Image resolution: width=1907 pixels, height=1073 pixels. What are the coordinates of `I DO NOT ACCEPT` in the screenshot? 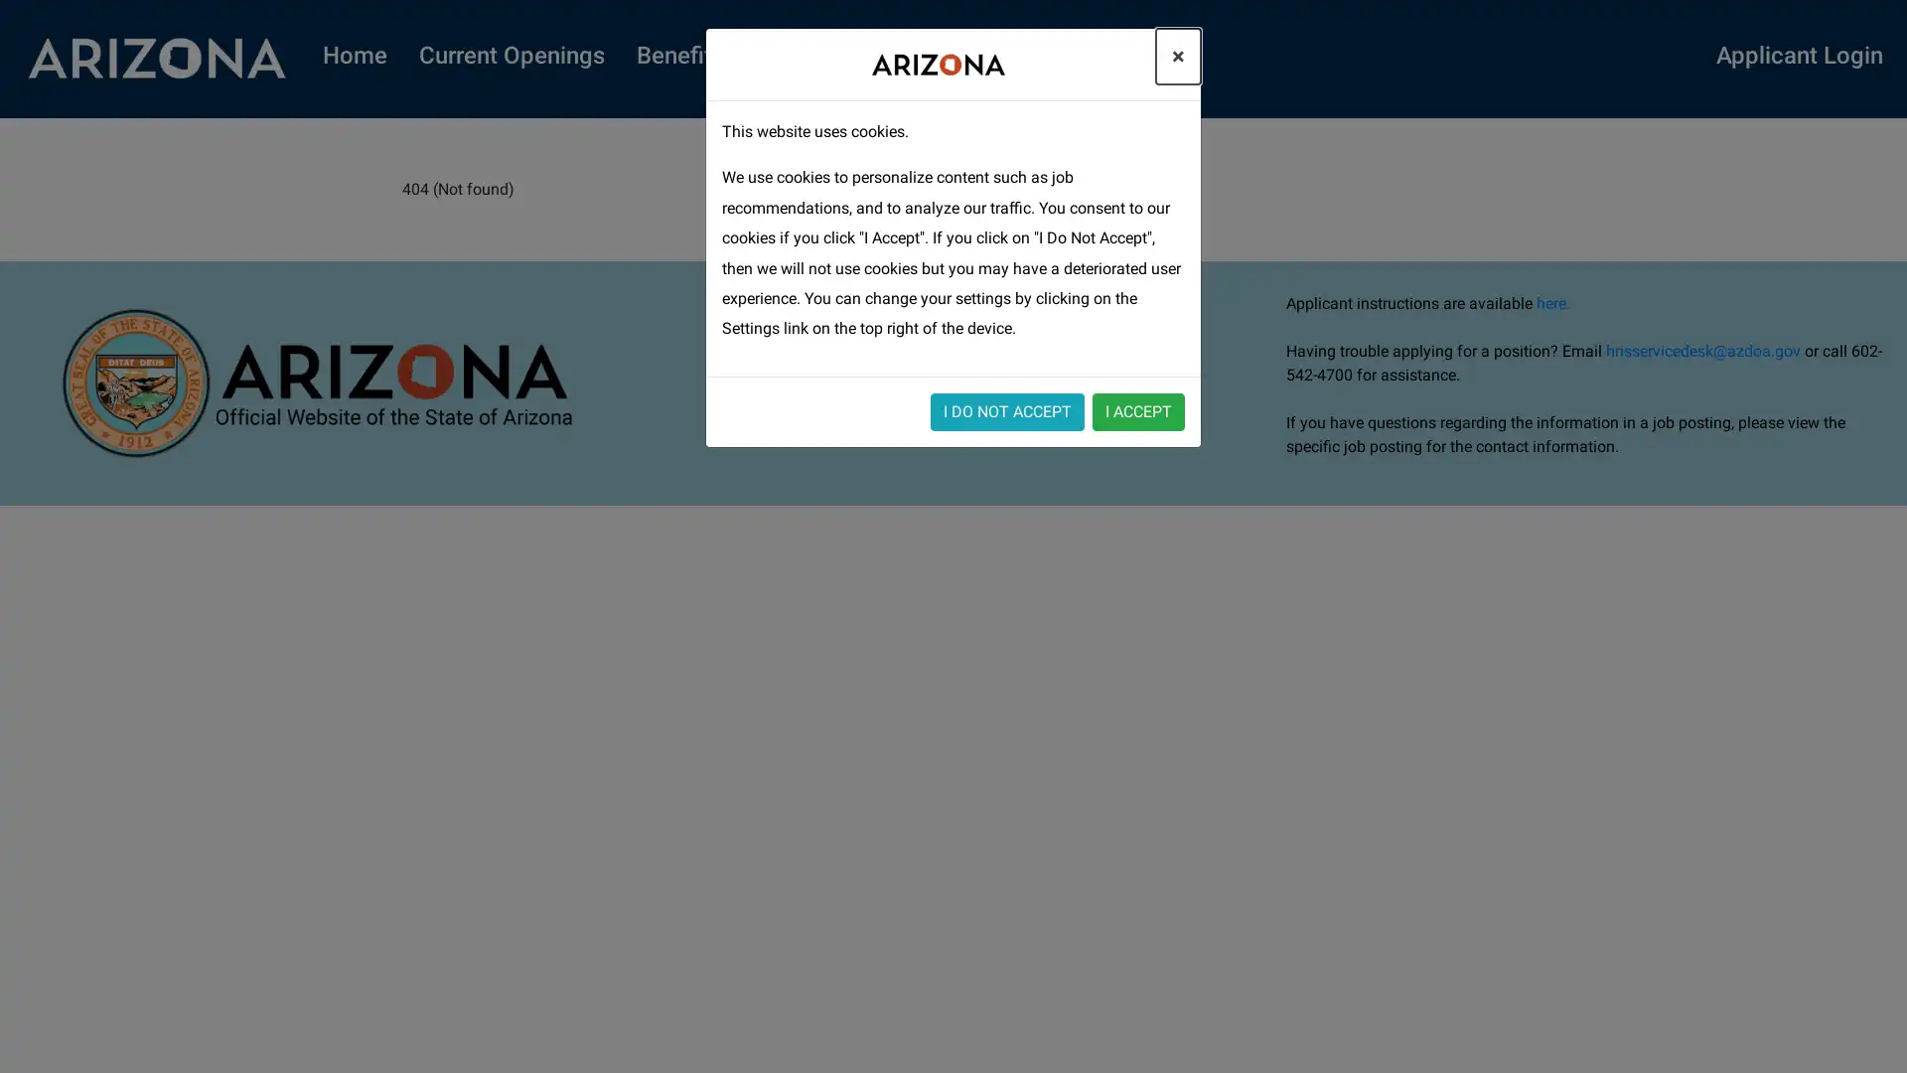 It's located at (1007, 409).